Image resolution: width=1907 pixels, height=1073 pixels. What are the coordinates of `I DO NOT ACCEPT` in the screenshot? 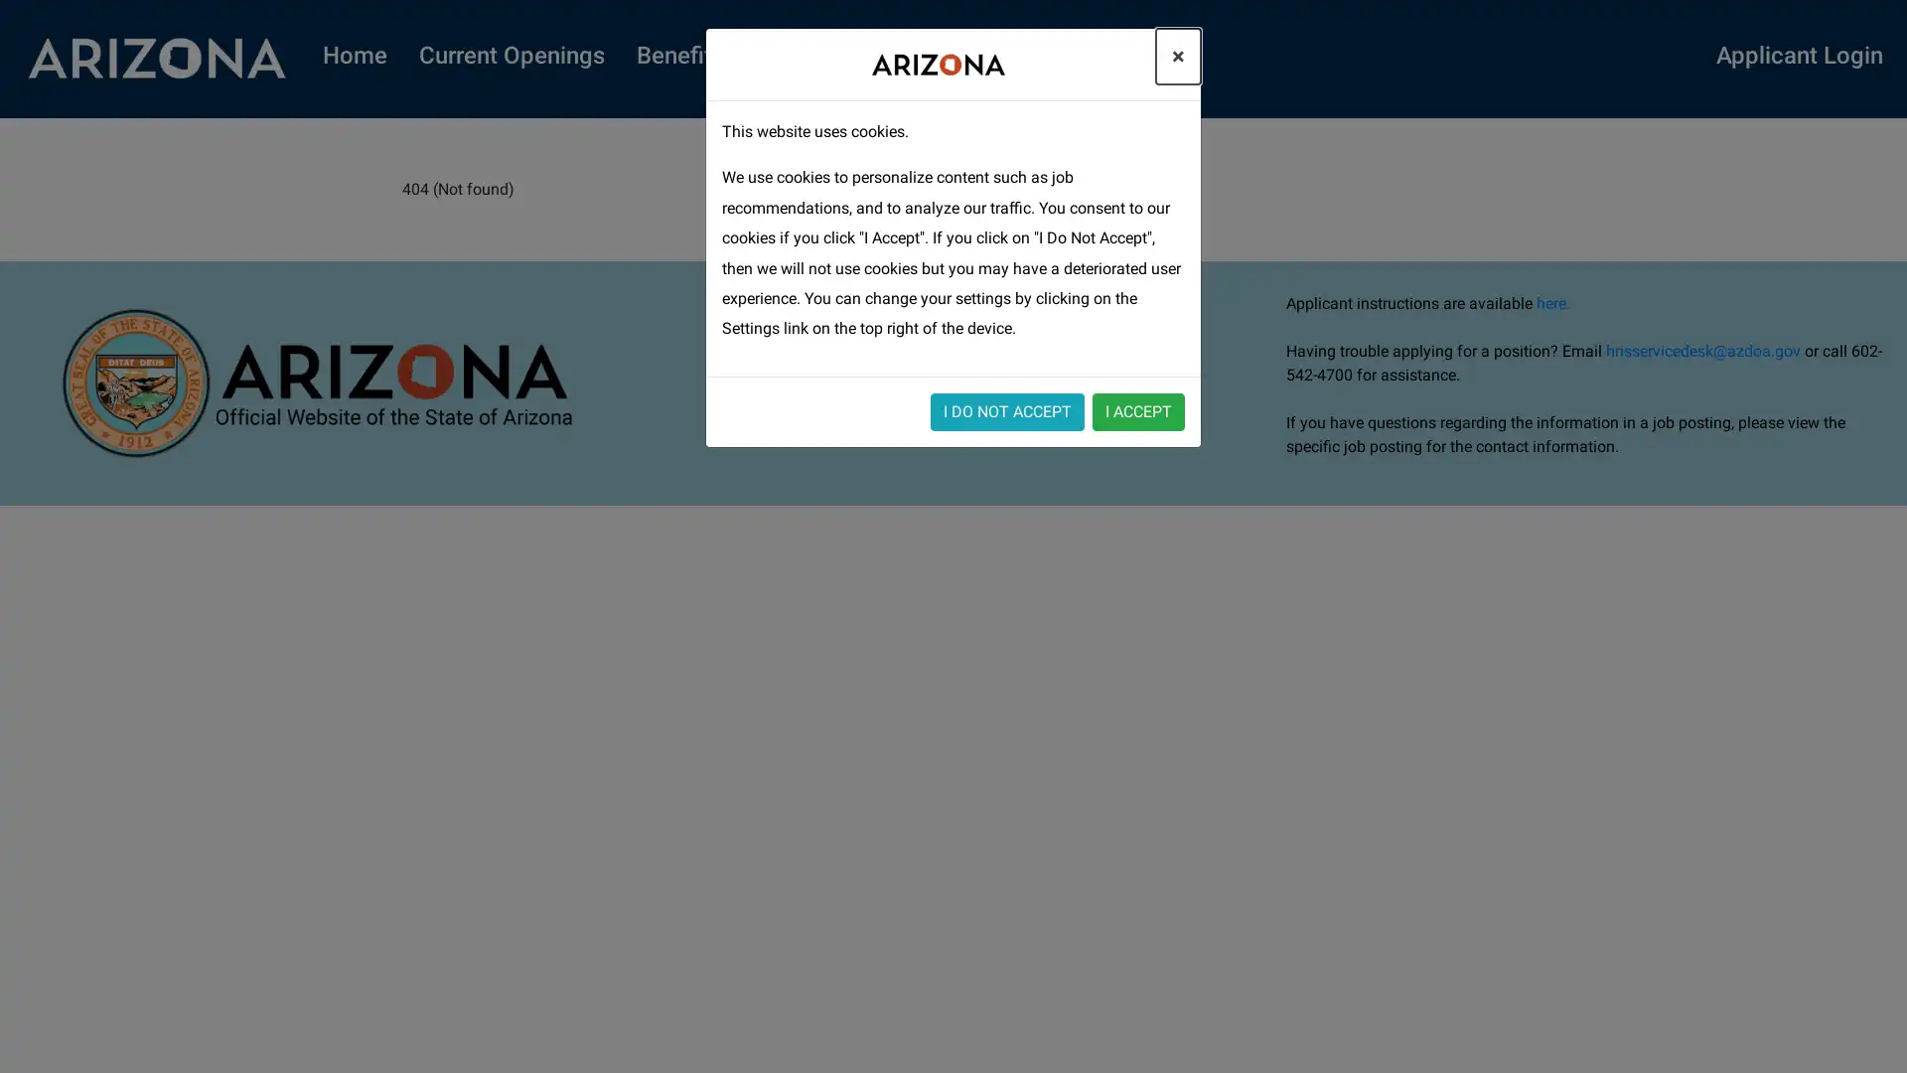 It's located at (1007, 409).